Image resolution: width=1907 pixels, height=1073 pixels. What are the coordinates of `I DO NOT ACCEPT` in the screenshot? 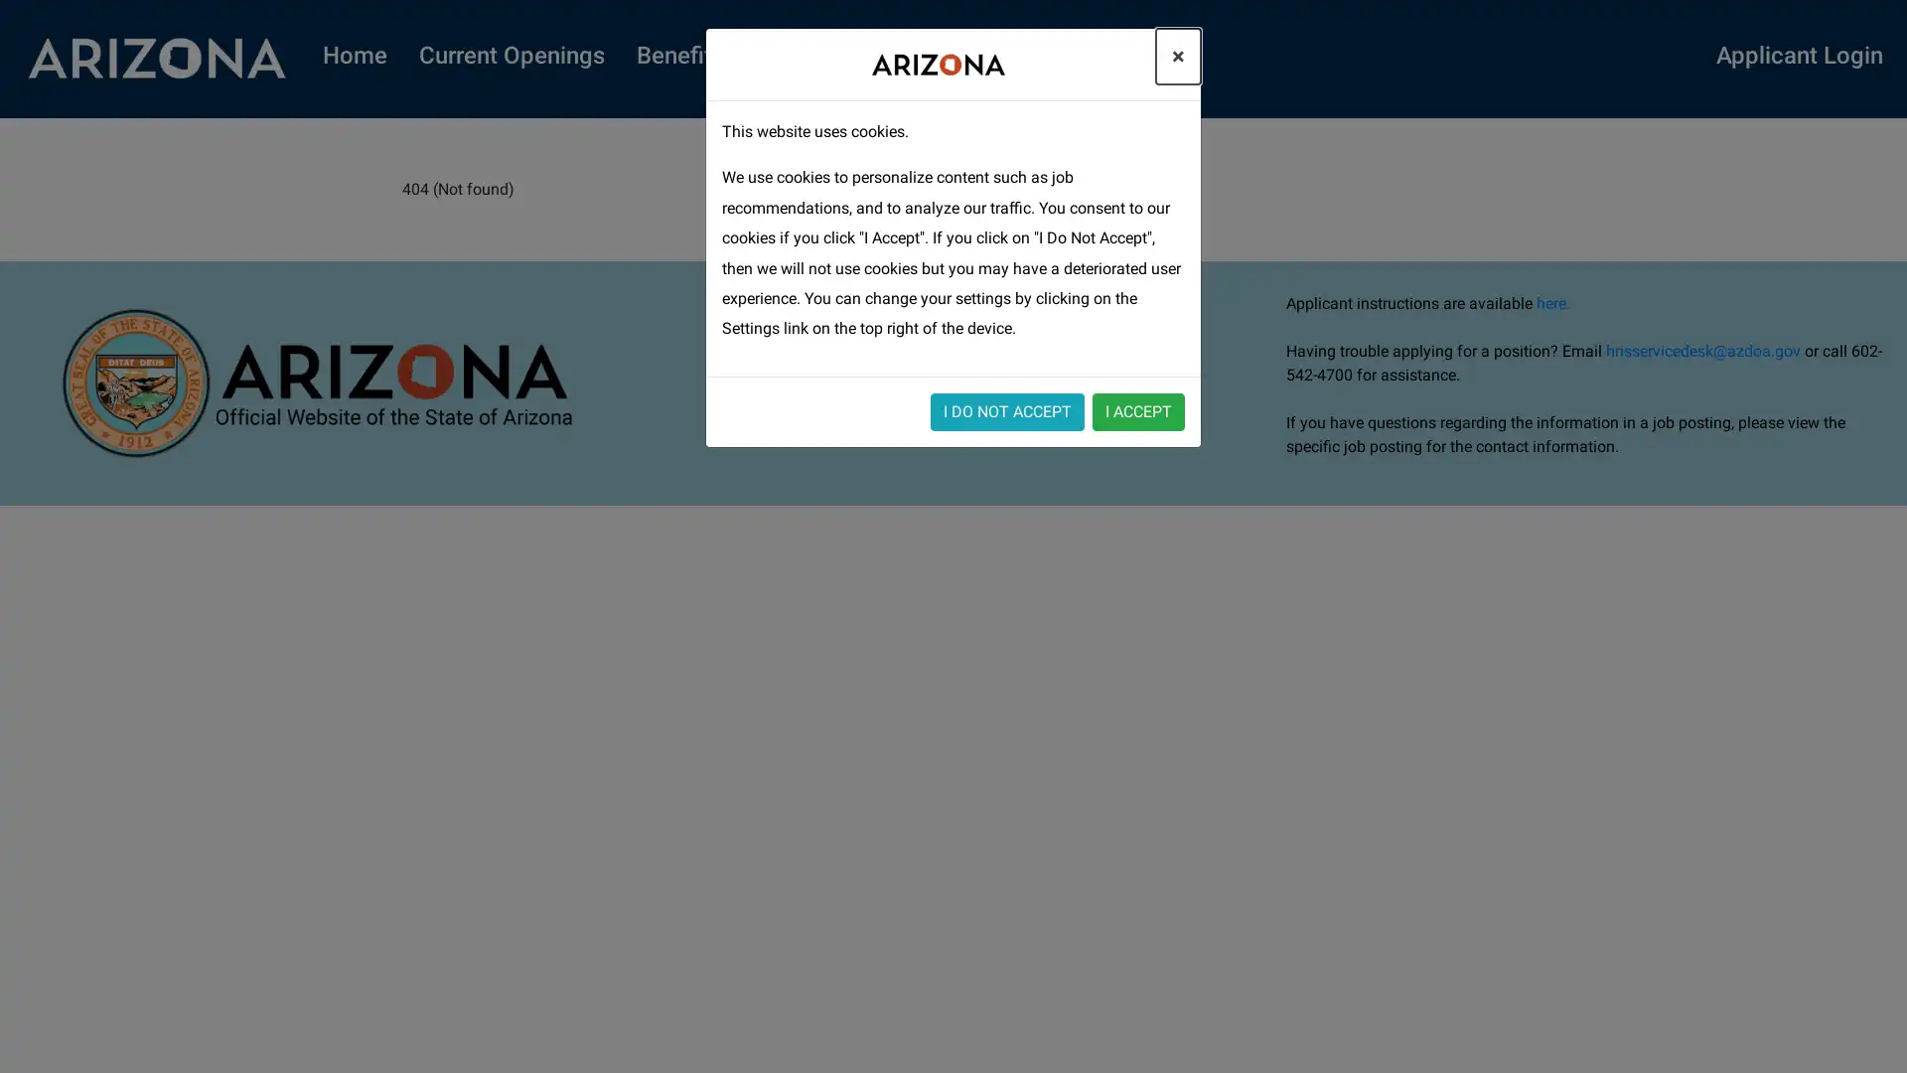 It's located at (1007, 409).